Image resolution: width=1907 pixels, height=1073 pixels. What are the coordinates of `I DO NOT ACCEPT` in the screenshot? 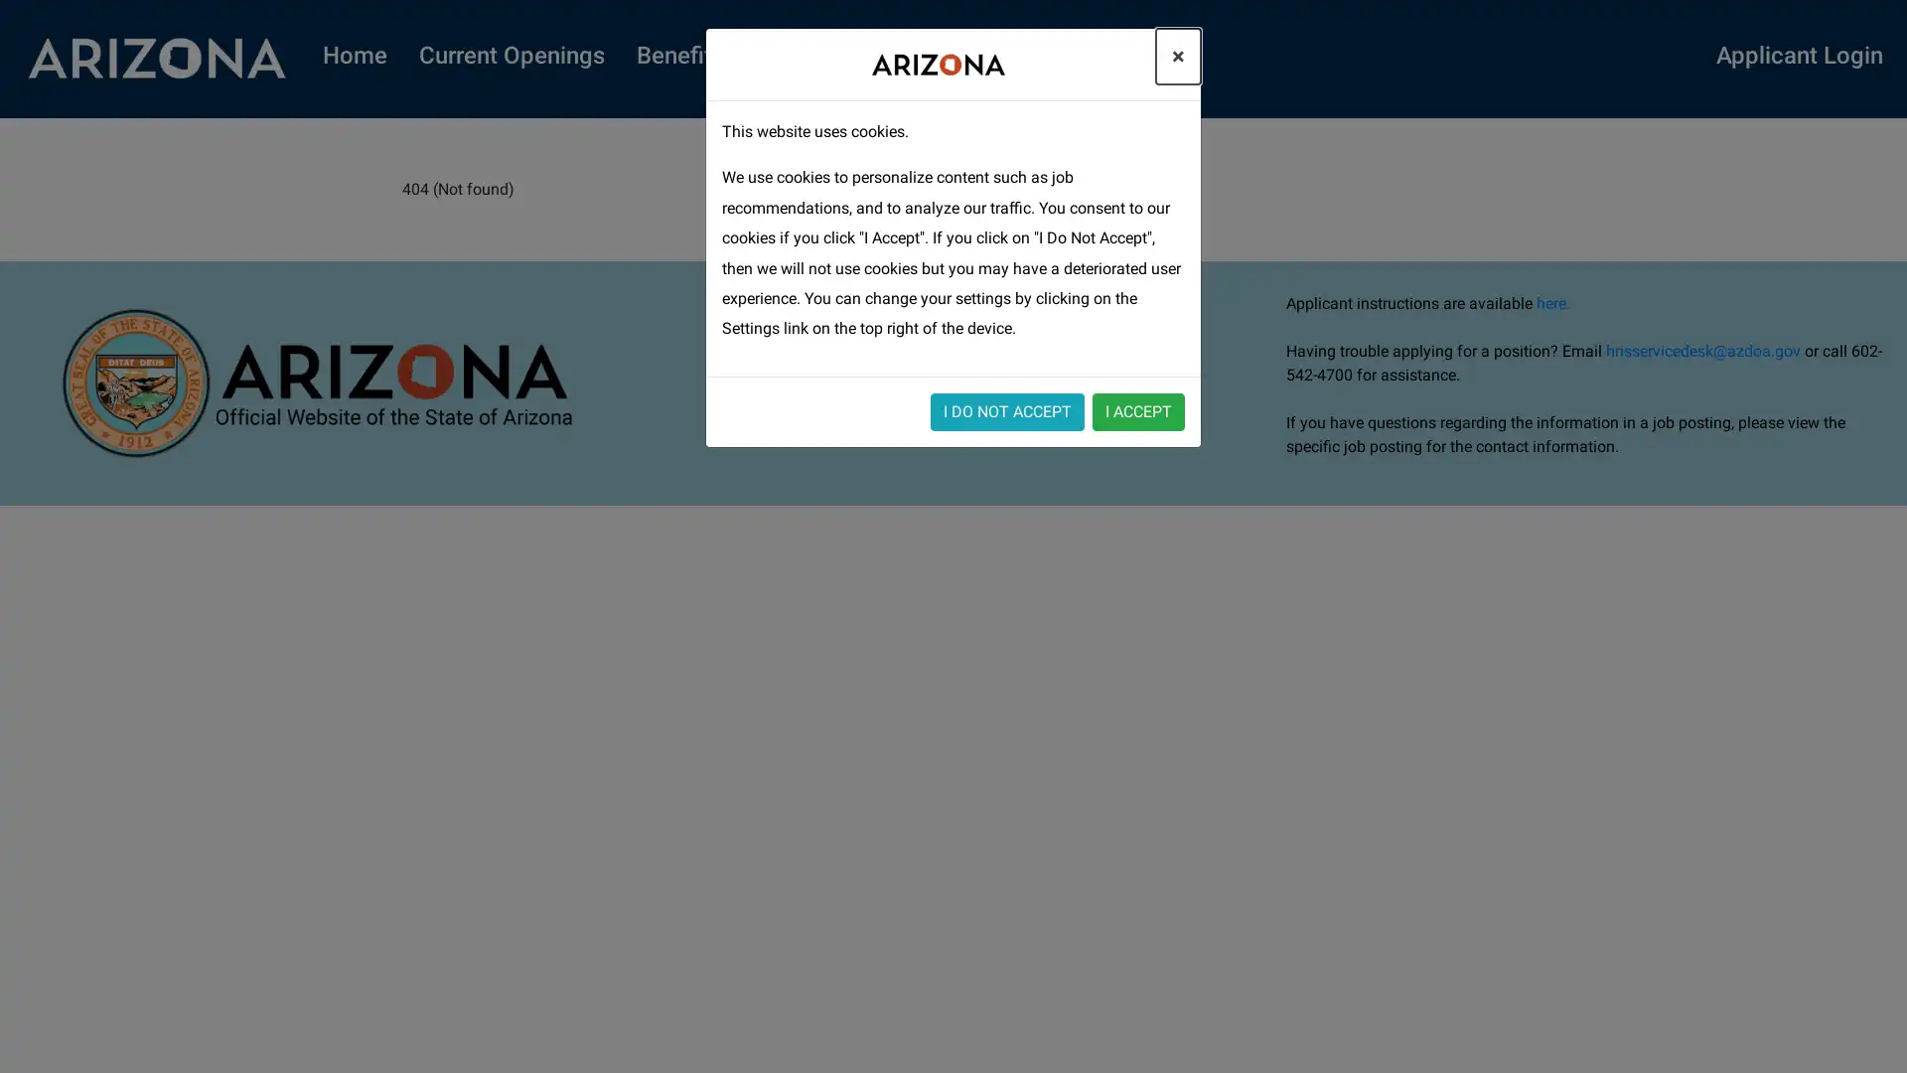 It's located at (1007, 409).